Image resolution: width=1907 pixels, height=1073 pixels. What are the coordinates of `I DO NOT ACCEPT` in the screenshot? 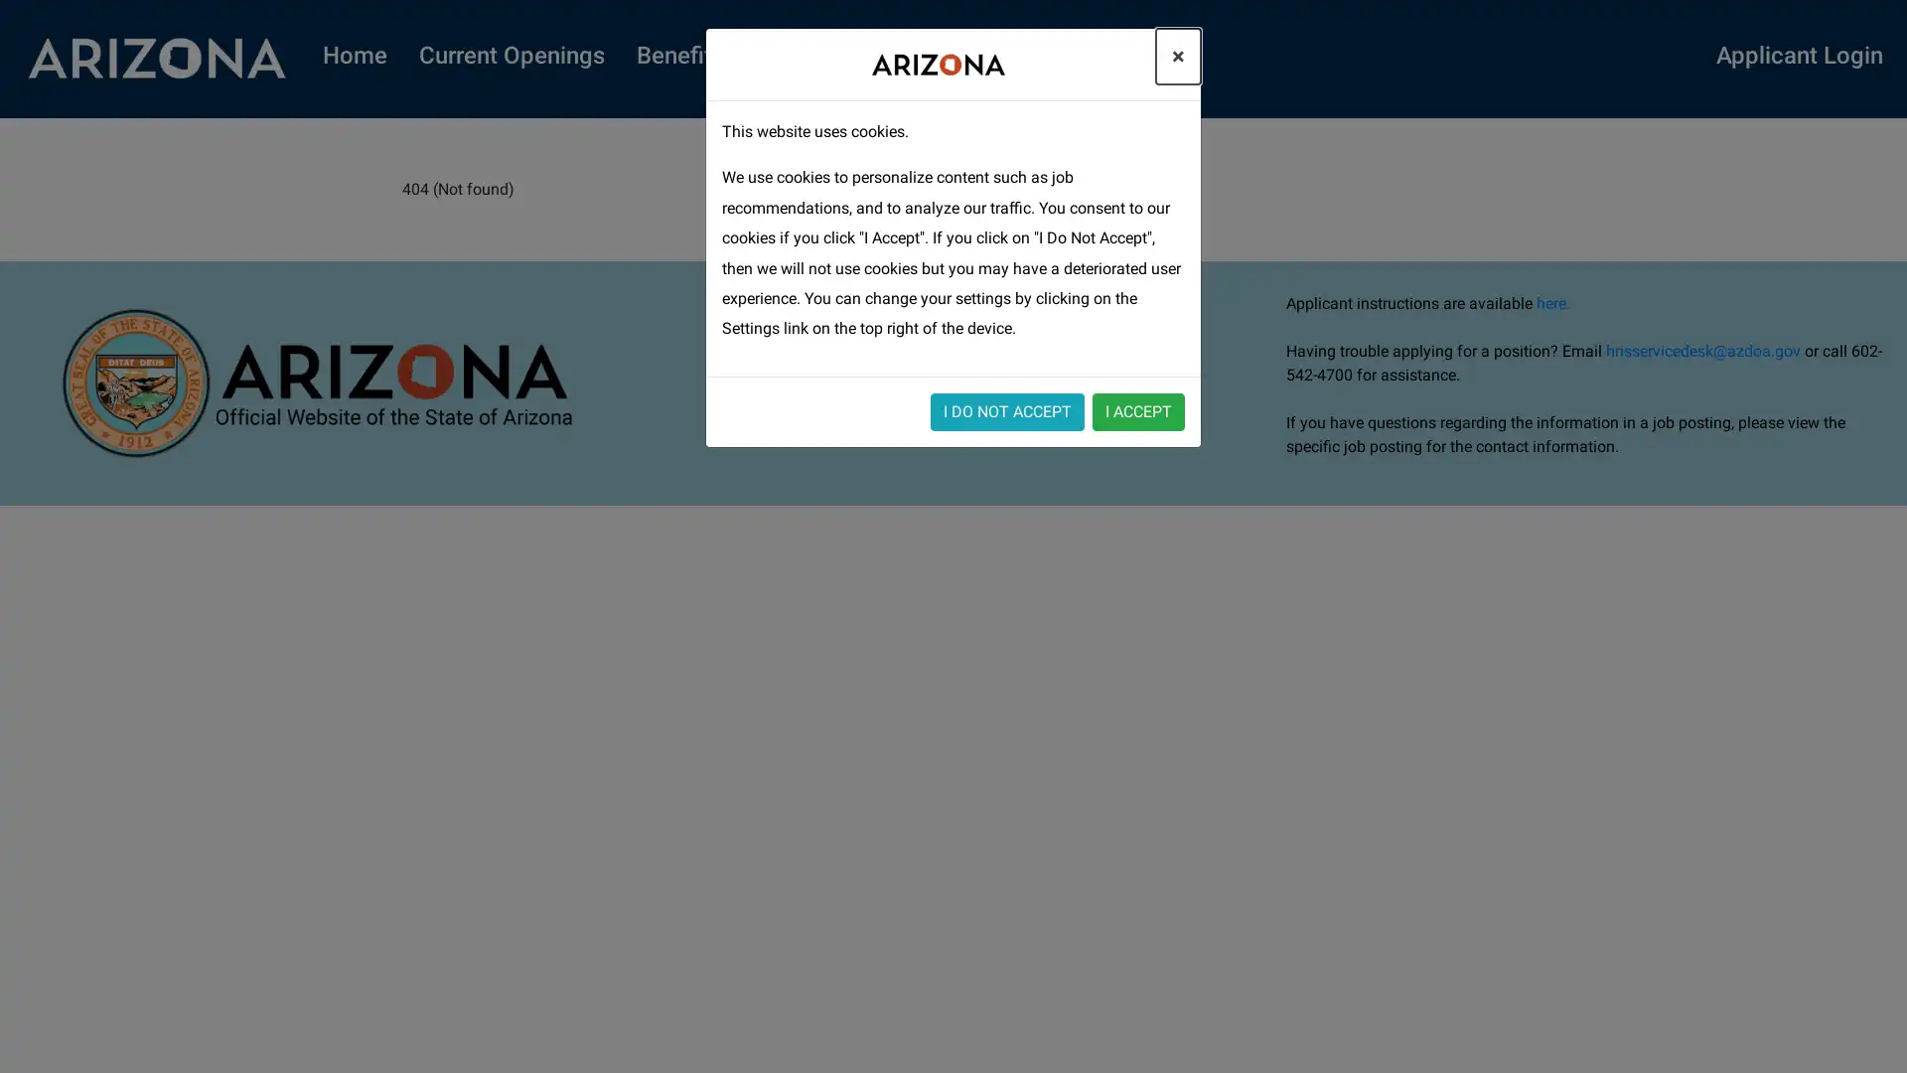 It's located at (1007, 409).